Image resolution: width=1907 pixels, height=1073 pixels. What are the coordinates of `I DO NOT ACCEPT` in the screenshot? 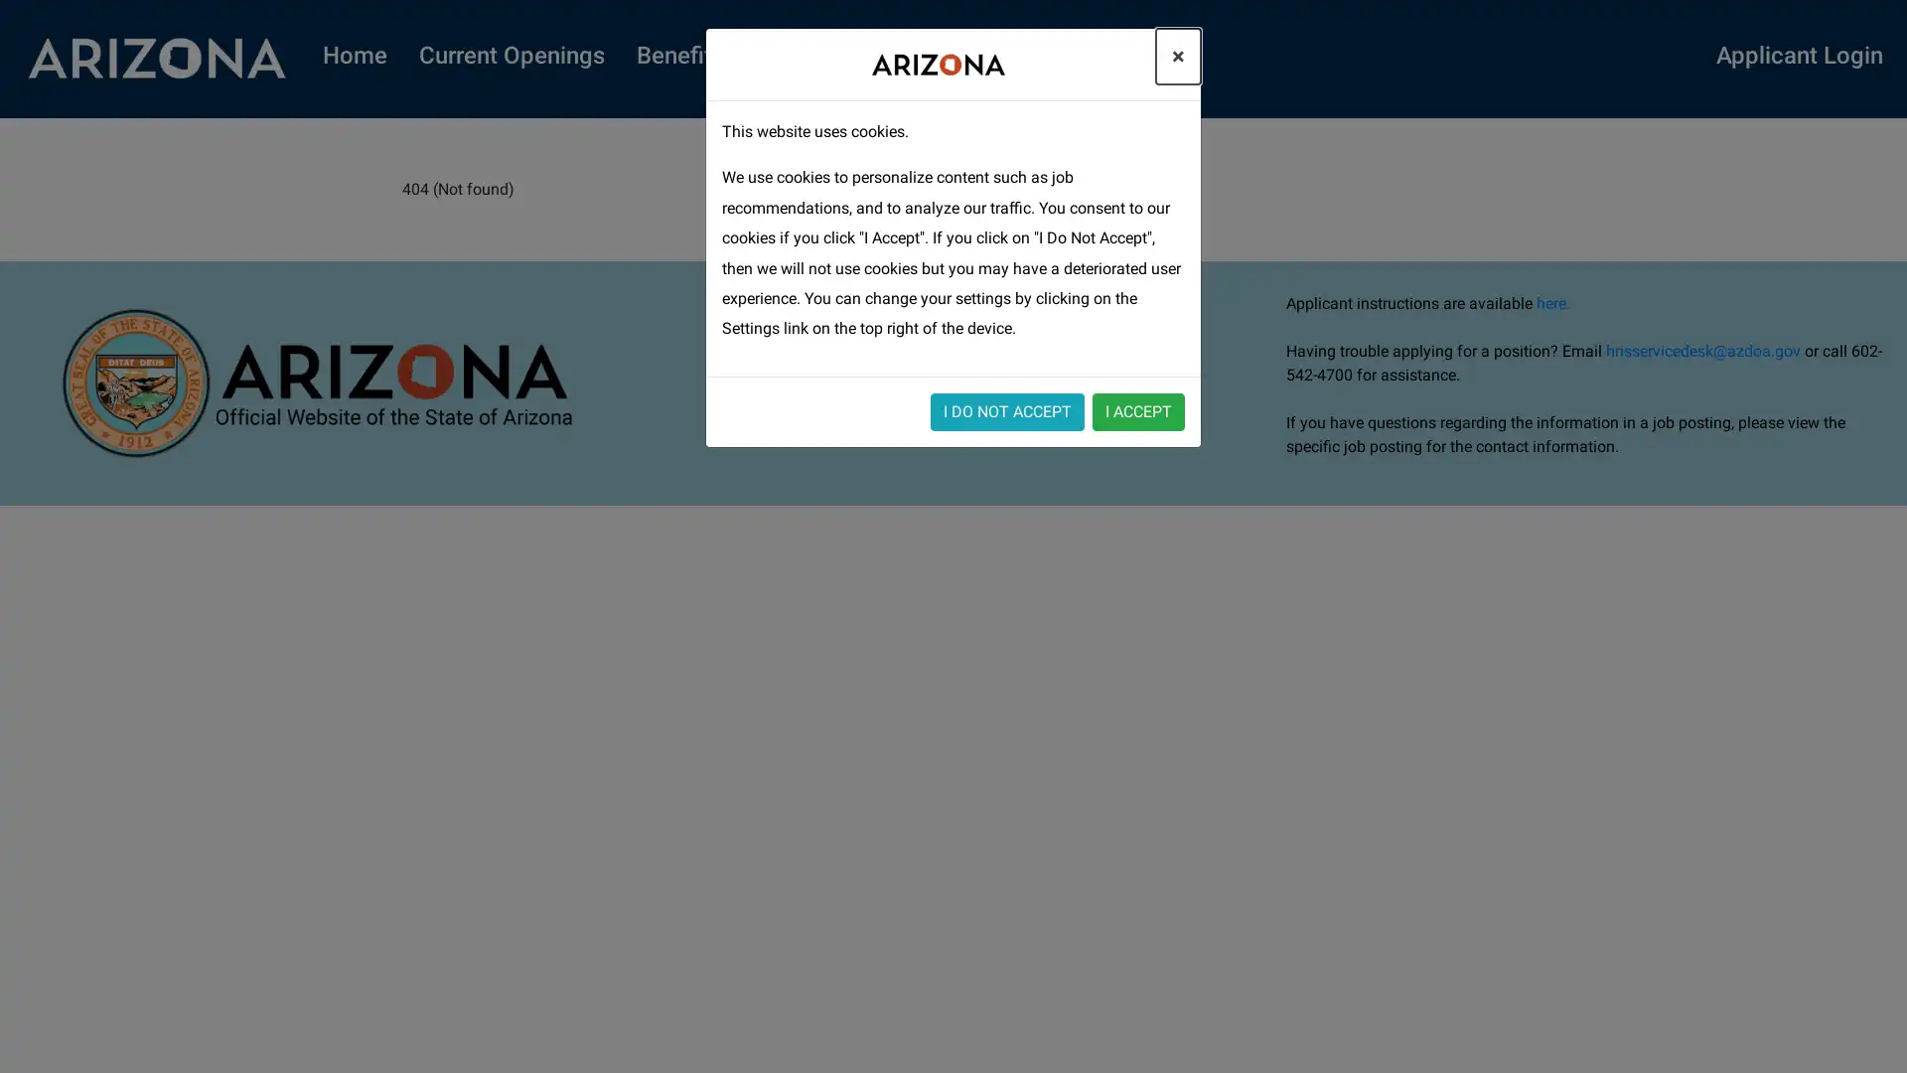 It's located at (1007, 409).